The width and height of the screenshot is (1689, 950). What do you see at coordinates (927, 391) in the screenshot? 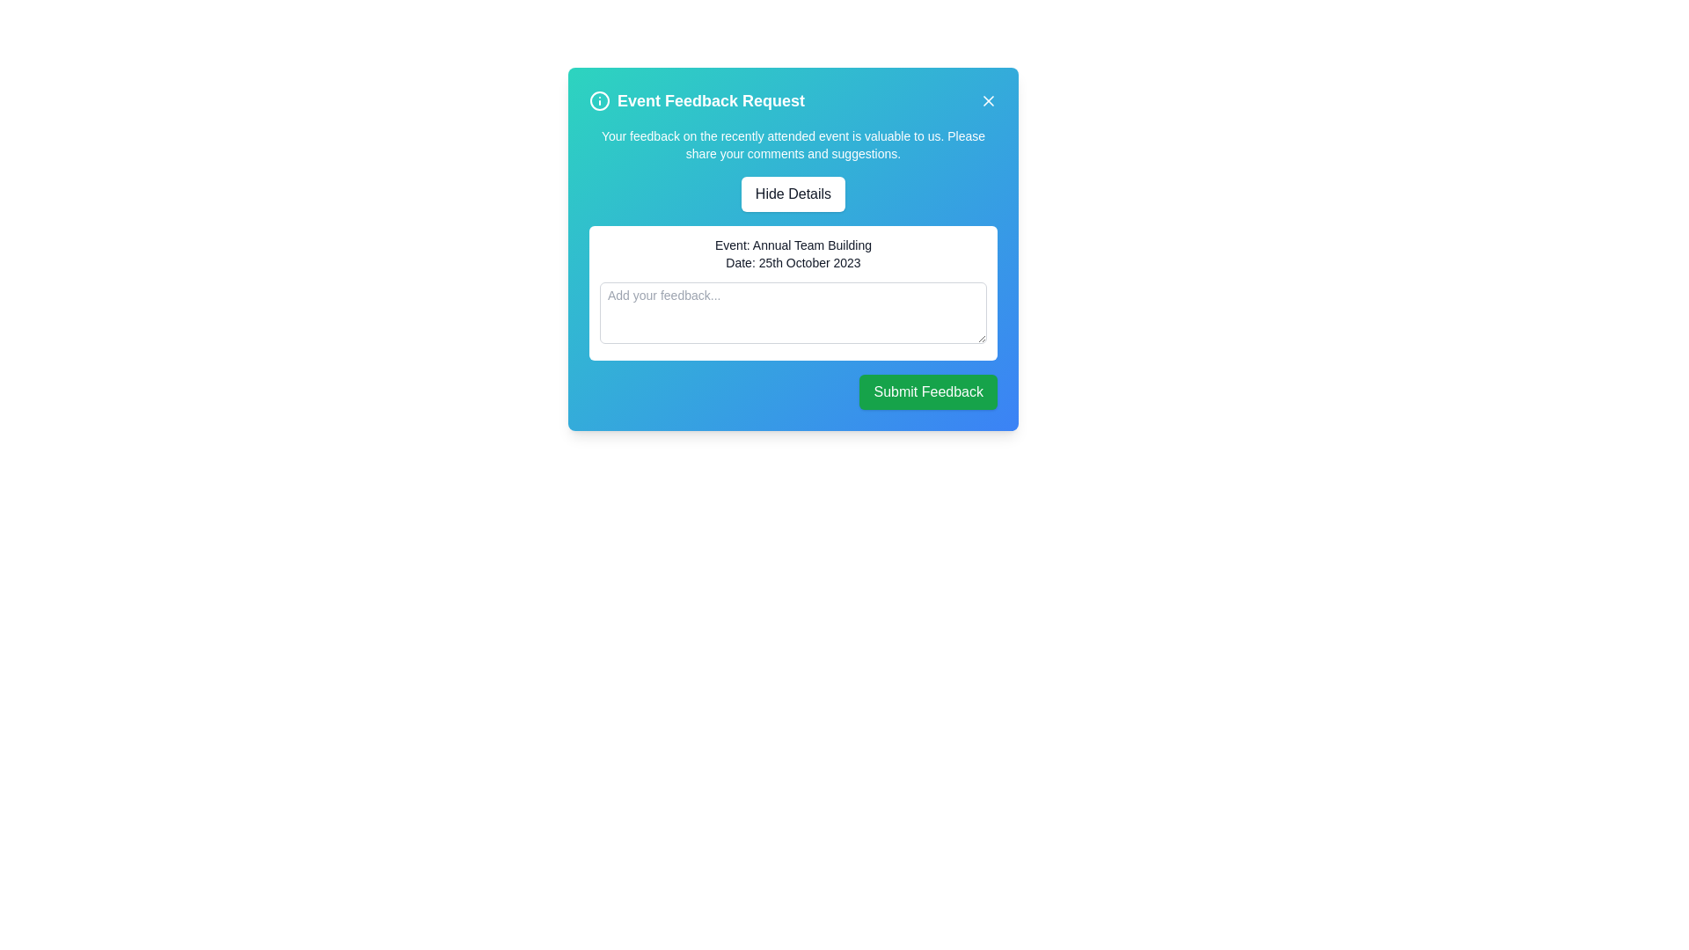
I see `the 'Submit Feedback' button to submit the feedback` at bounding box center [927, 391].